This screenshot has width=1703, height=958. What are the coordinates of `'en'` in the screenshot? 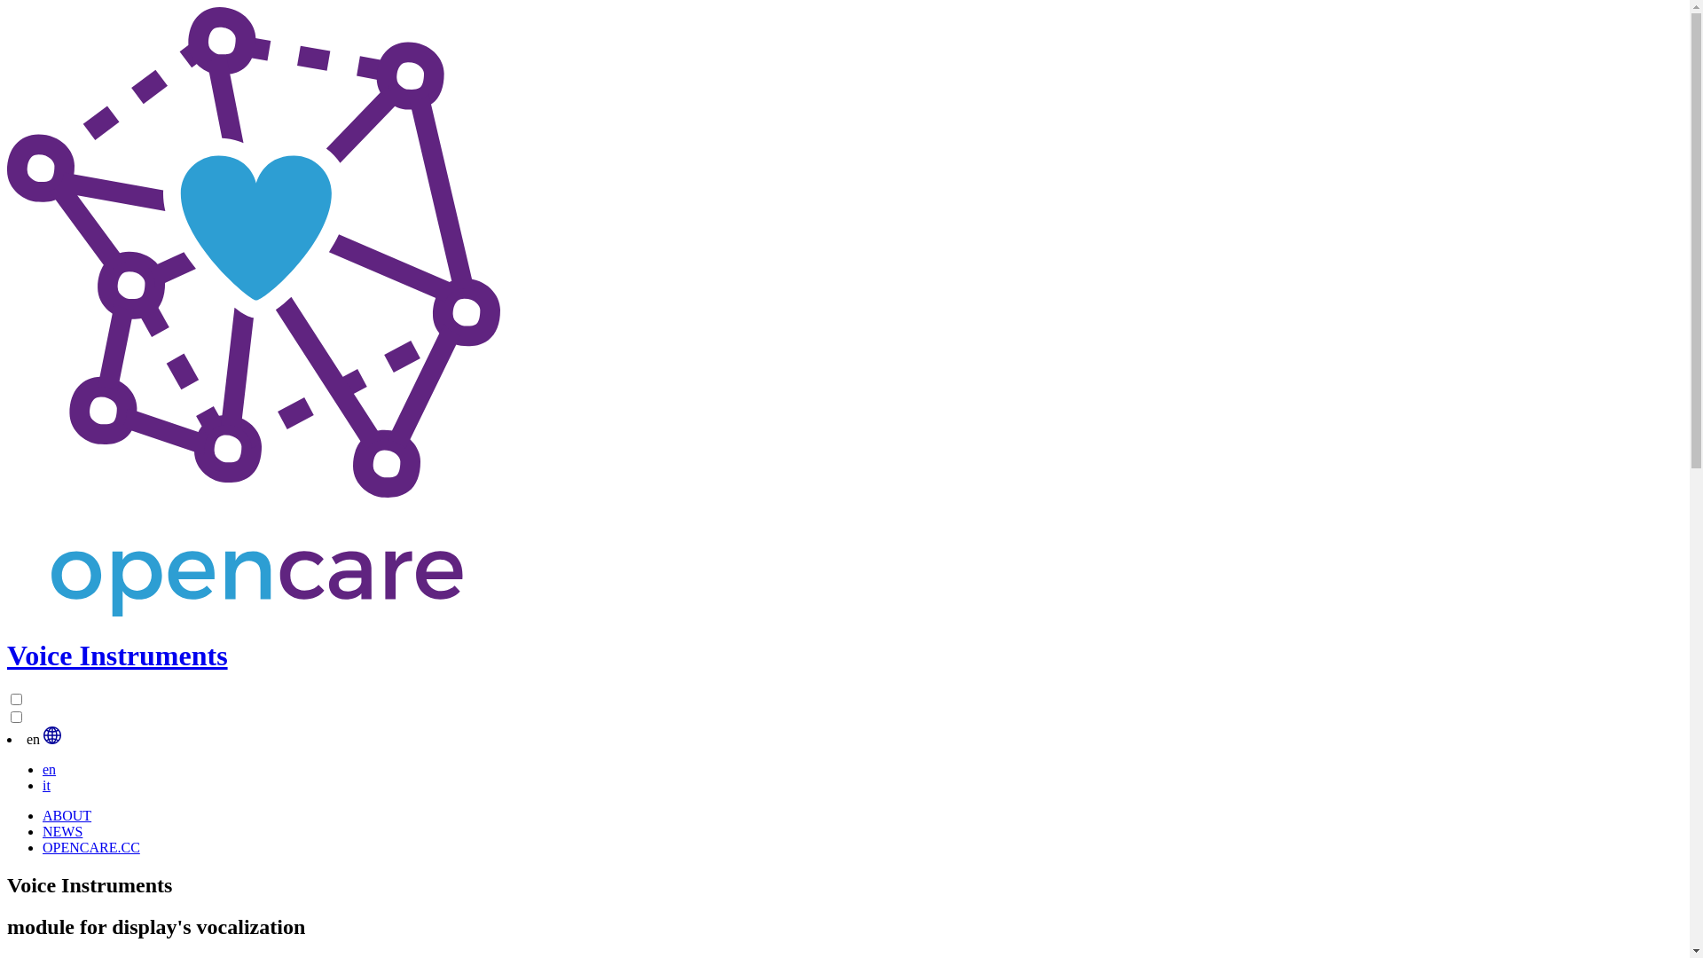 It's located at (49, 768).